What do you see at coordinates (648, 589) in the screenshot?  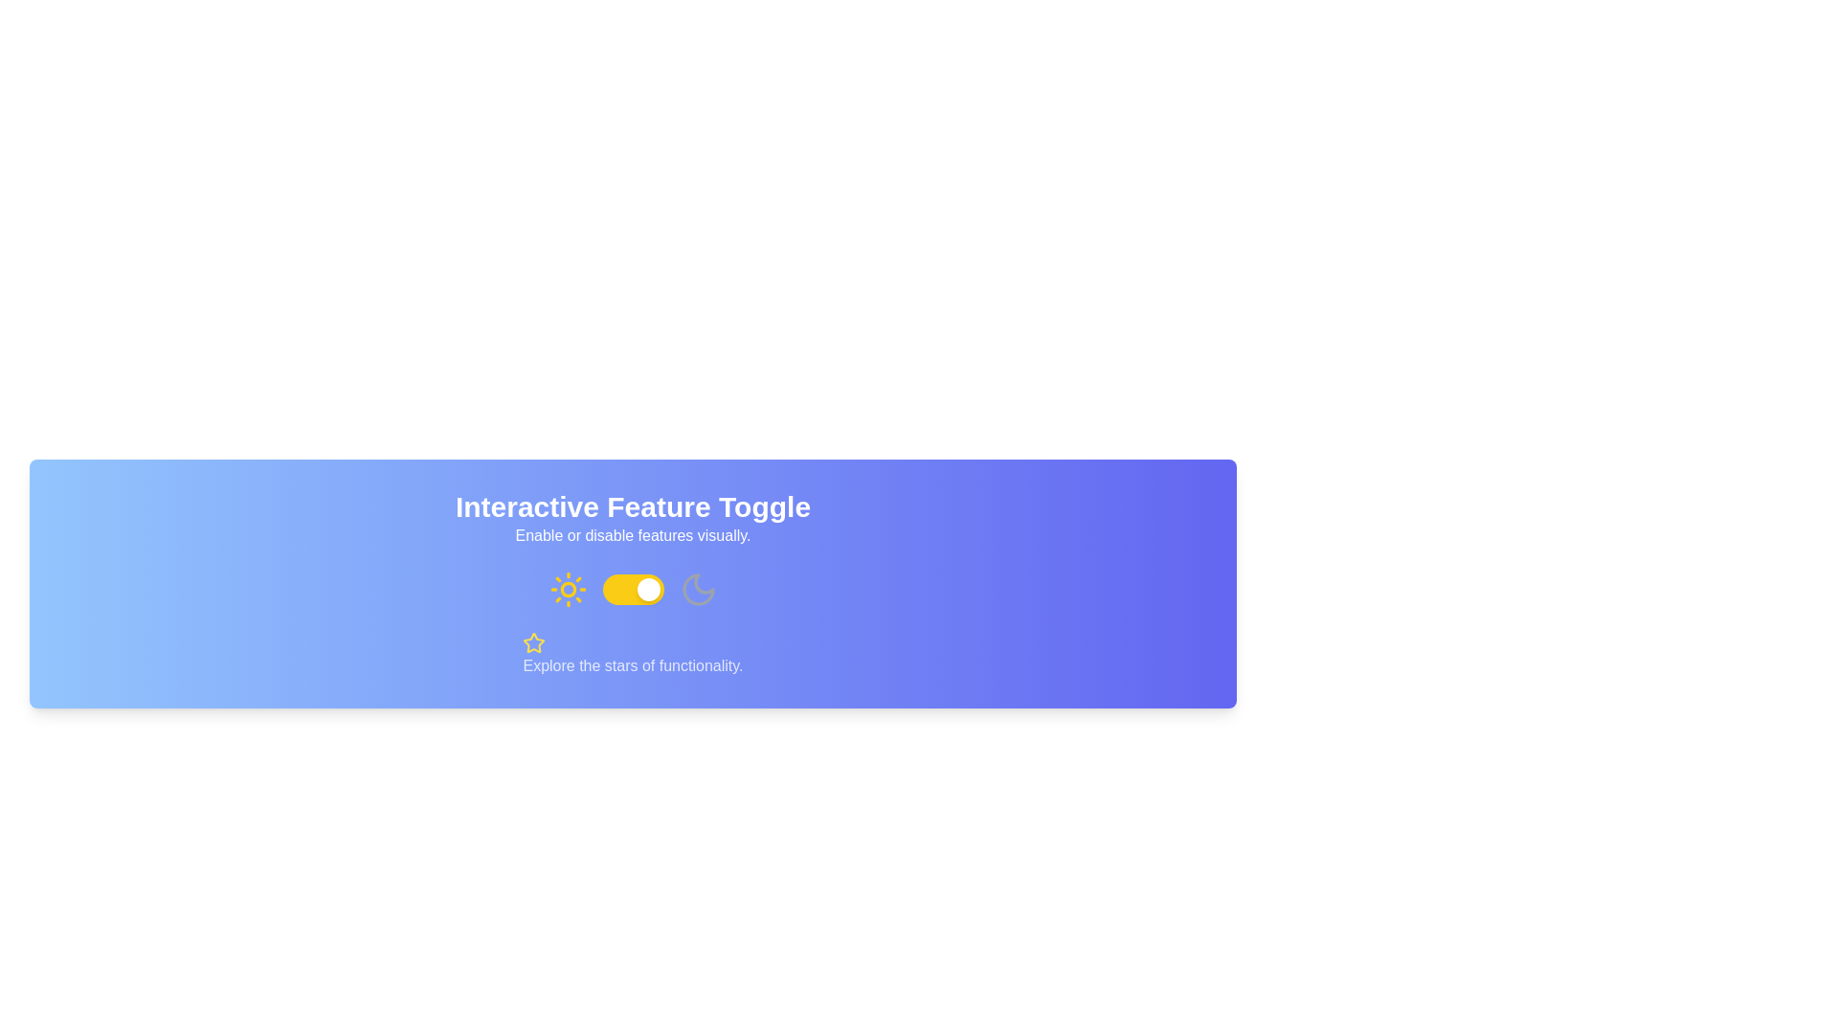 I see `the rightmost movable knob of the toggle switch labeled 'Interactive Feature Toggle'` at bounding box center [648, 589].